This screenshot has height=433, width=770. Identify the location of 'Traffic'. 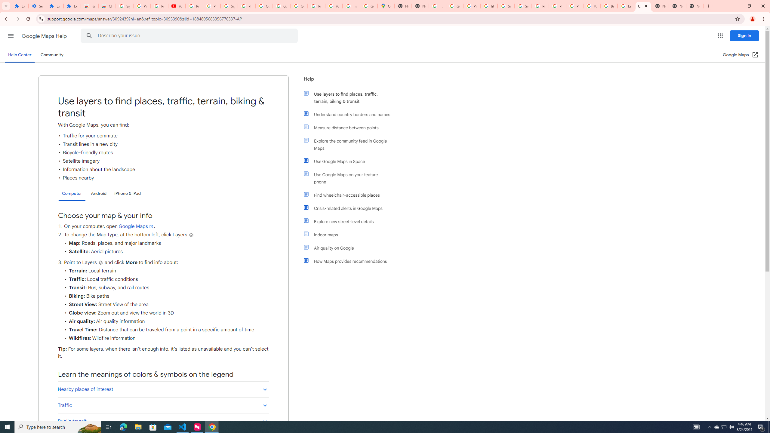
(163, 405).